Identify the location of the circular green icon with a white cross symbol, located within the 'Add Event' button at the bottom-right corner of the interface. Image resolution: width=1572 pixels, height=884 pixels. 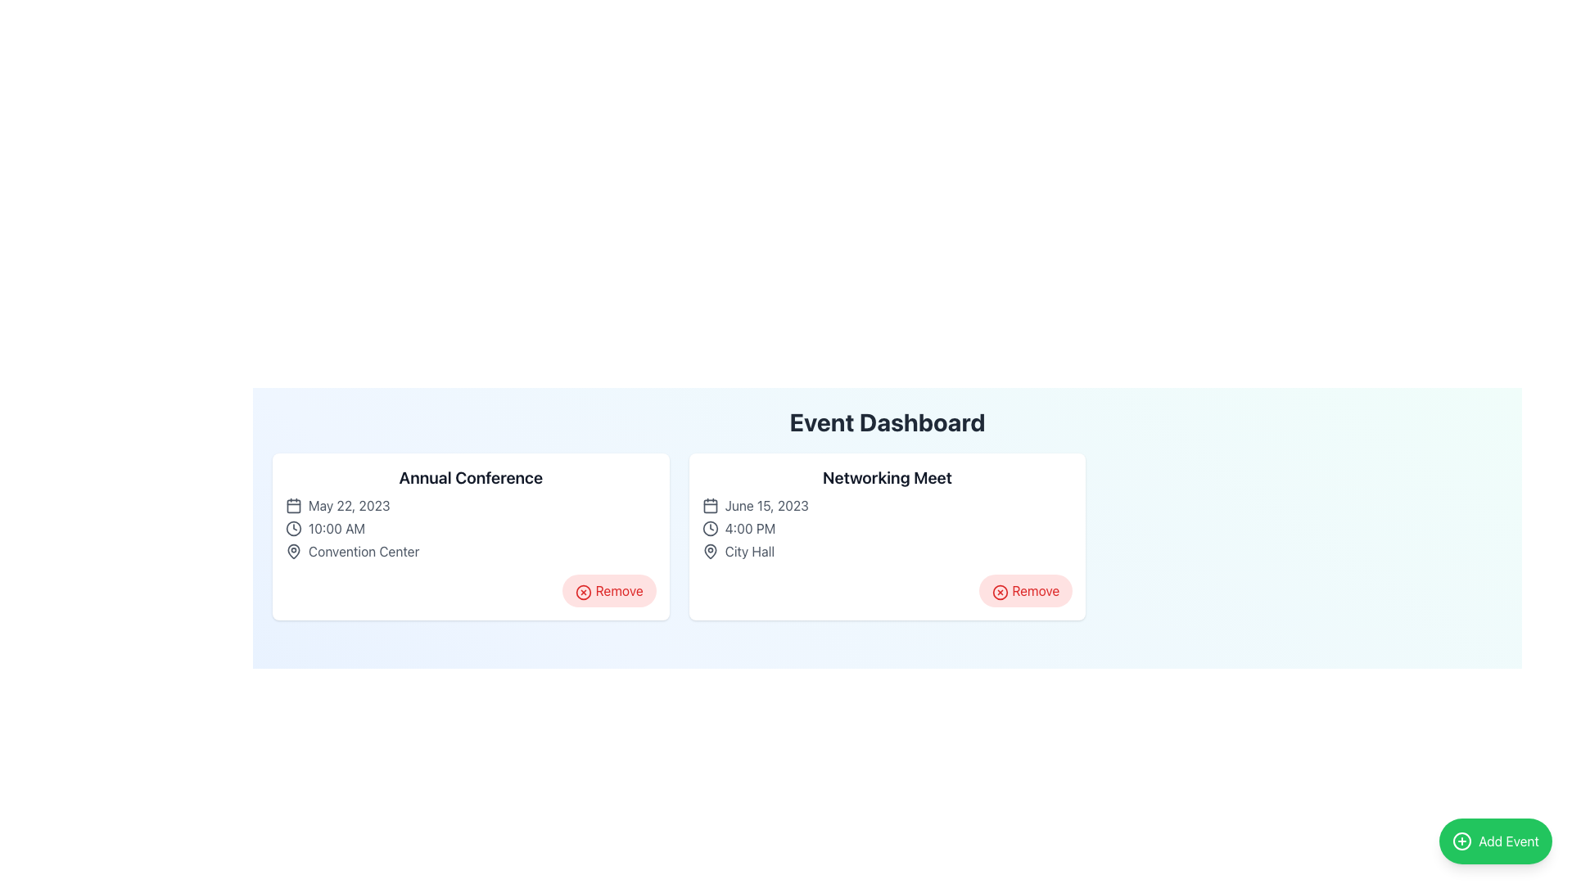
(1462, 841).